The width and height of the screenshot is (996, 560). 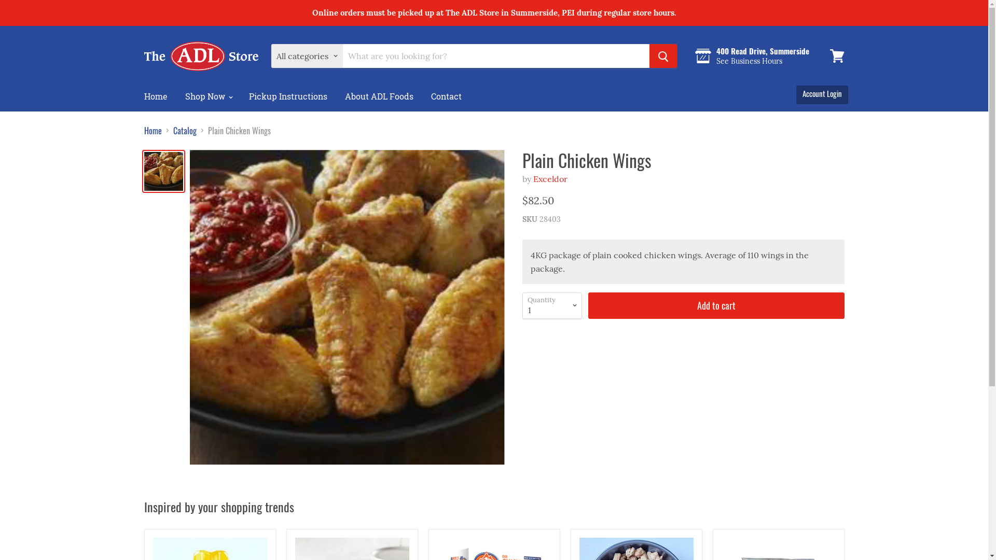 What do you see at coordinates (423, 96) in the screenshot?
I see `'Contact'` at bounding box center [423, 96].